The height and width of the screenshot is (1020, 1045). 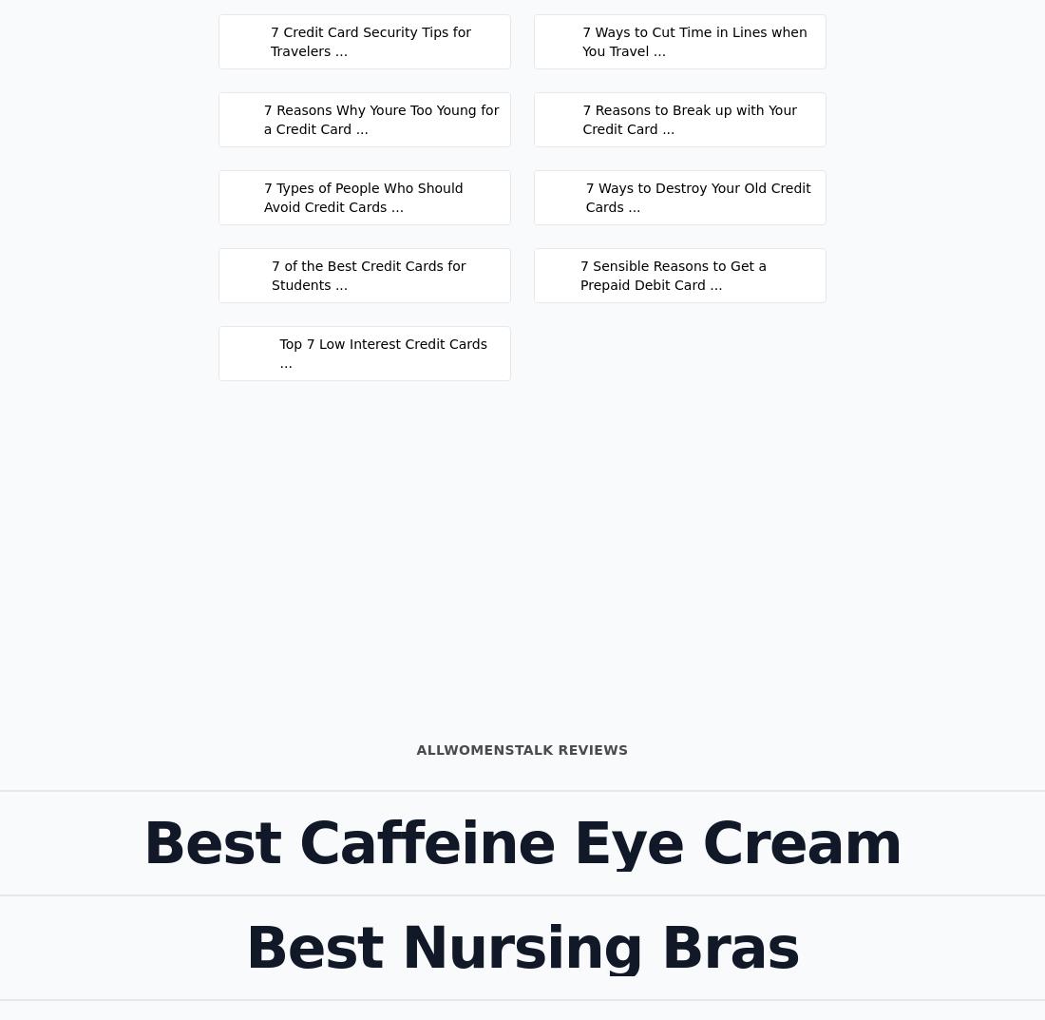 What do you see at coordinates (696, 197) in the screenshot?
I see `'7 Ways to Destroy Your Old Credit Cards ...'` at bounding box center [696, 197].